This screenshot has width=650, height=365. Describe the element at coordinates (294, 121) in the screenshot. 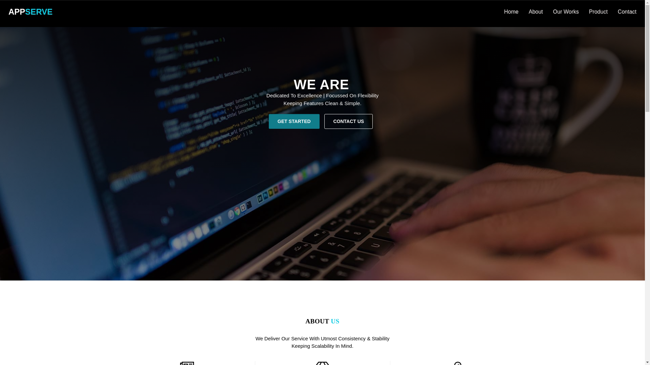

I see `'GET STARTED'` at that location.